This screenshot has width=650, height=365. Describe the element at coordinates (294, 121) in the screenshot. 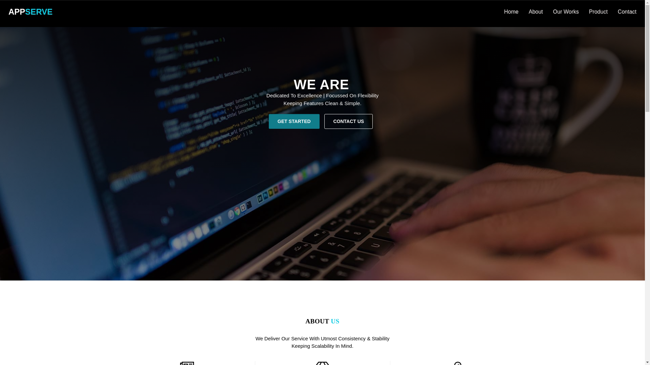

I see `'GET STARTED'` at that location.